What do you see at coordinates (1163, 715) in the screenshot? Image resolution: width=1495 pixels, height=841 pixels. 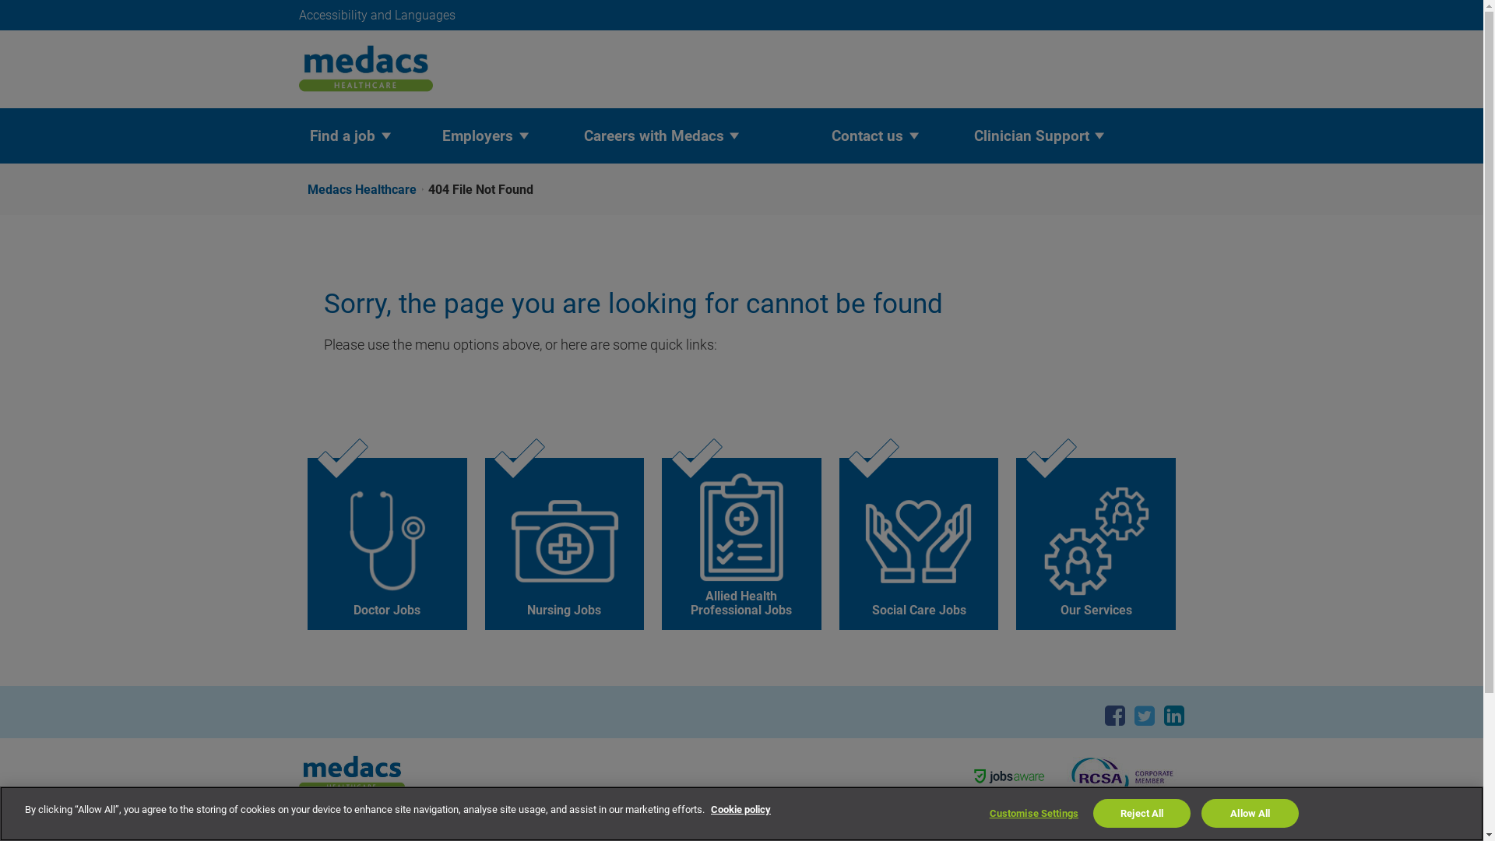 I see `'LinkedIn'` at bounding box center [1163, 715].